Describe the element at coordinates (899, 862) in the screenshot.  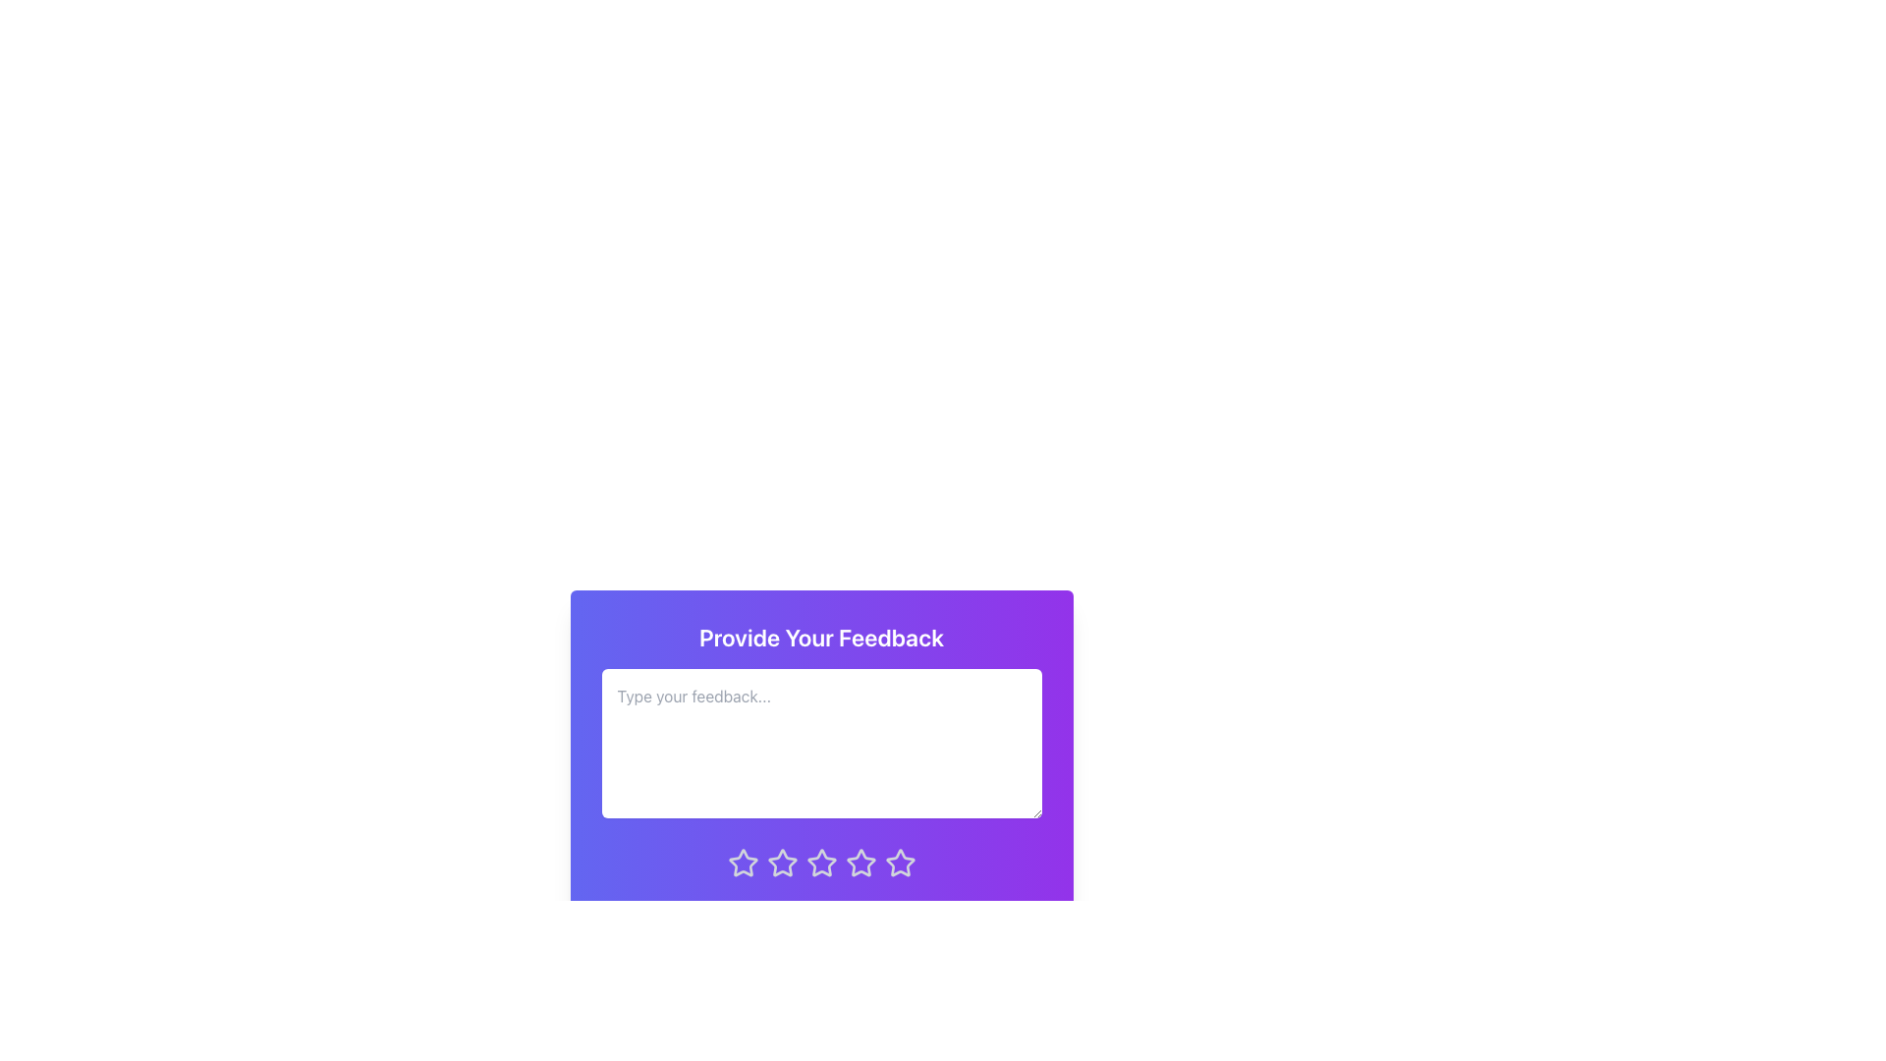
I see `the fifth star icon used for ratings, which has a gradient purple-to-pink background and is located below the 'Provide Your Feedback' text area` at that location.